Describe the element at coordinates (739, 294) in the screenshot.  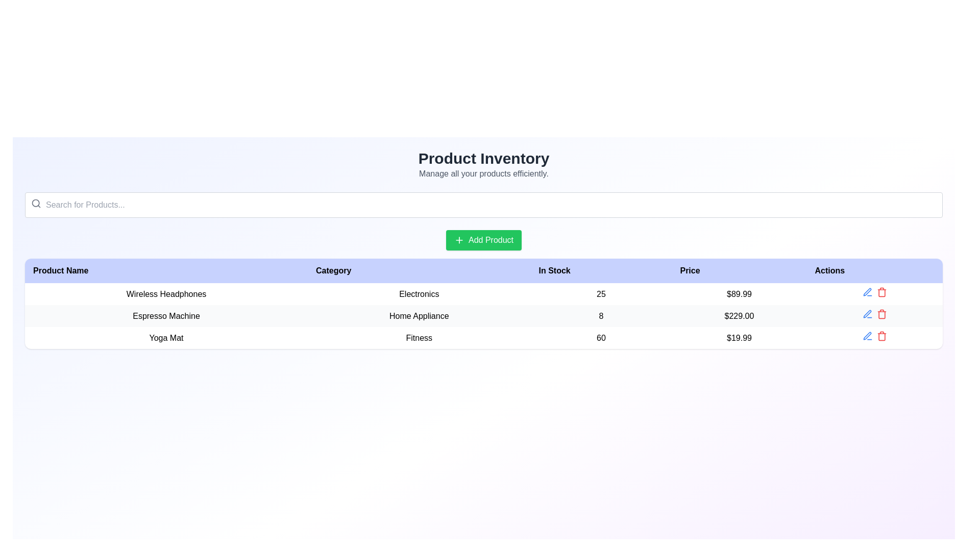
I see `the text label displaying the price '$89.99' for the product 'Wireless Headphones' located in the fourth column of the first row of the table` at that location.